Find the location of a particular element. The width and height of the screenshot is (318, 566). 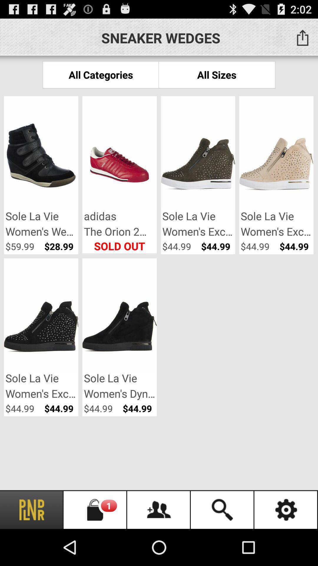

app next to the all categories item is located at coordinates (217, 74).